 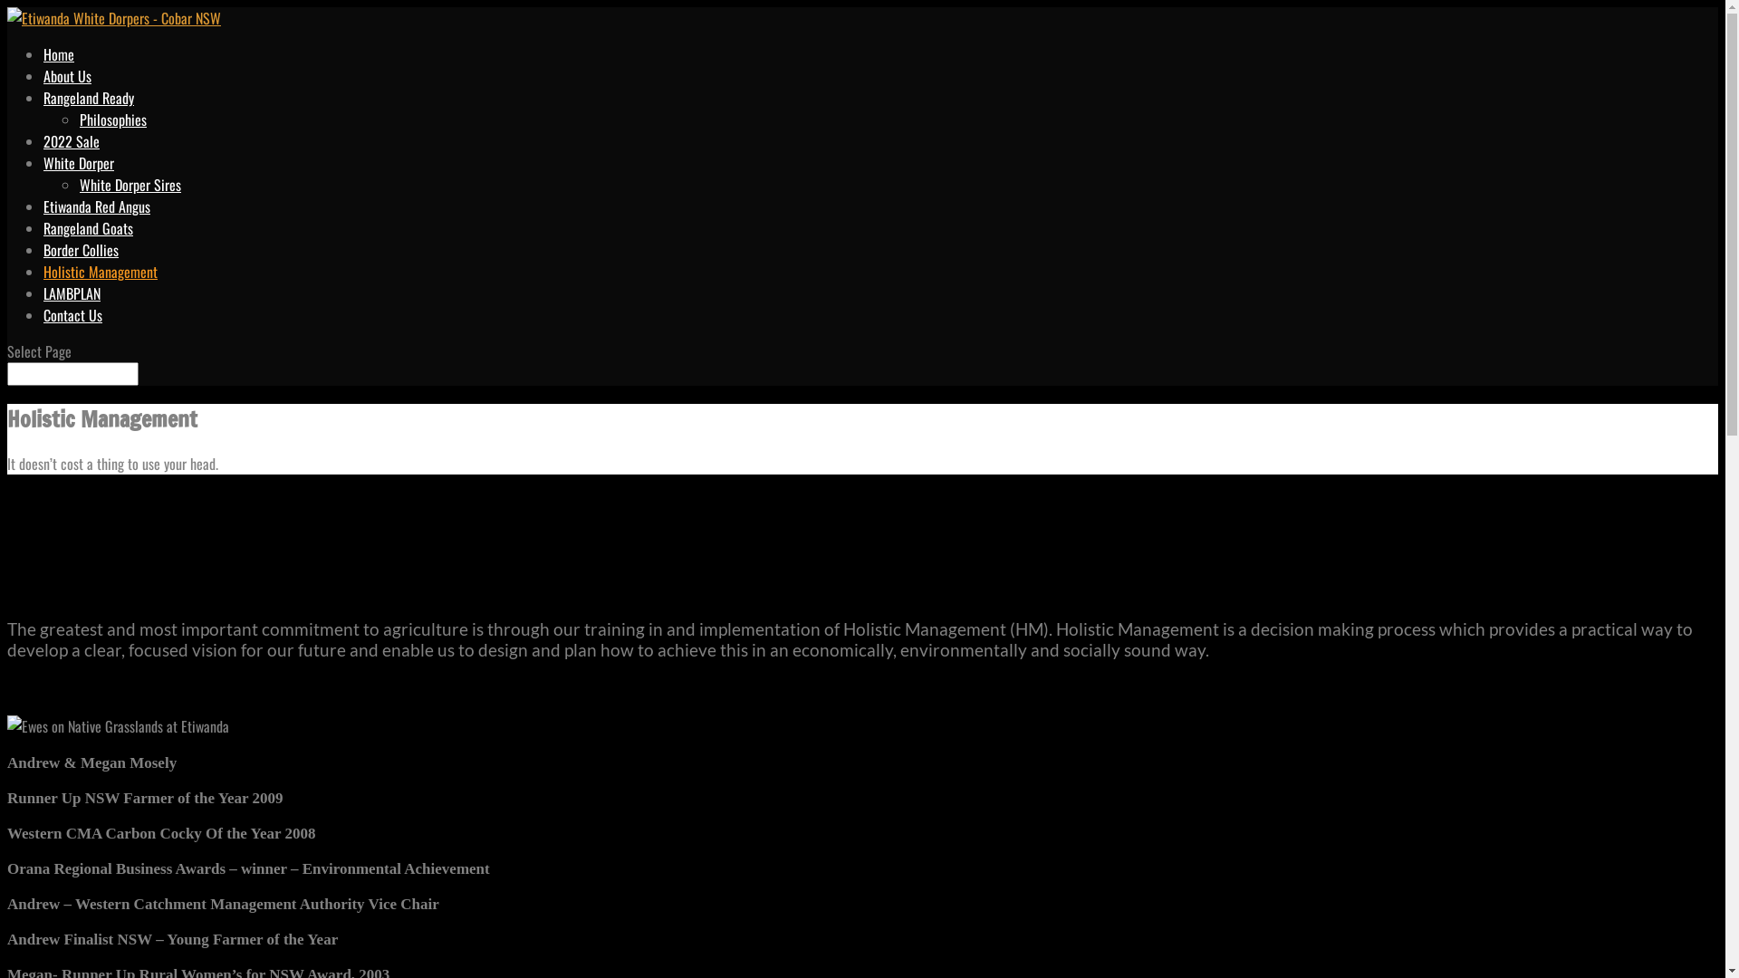 I want to click on 'Holistic Management', so click(x=99, y=272).